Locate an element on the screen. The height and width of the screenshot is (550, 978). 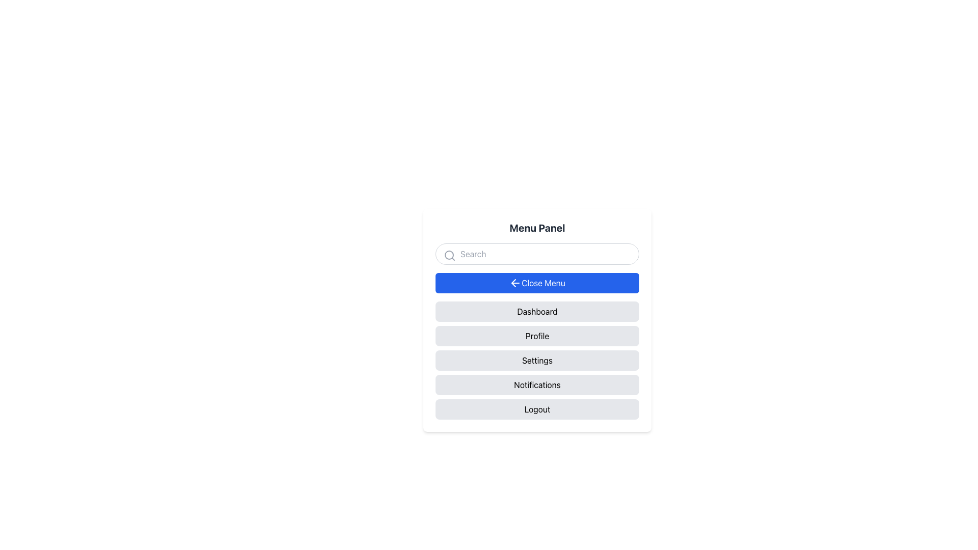
the magnifying glass icon on the left side of the search text box in the menu panel is located at coordinates (449, 255).